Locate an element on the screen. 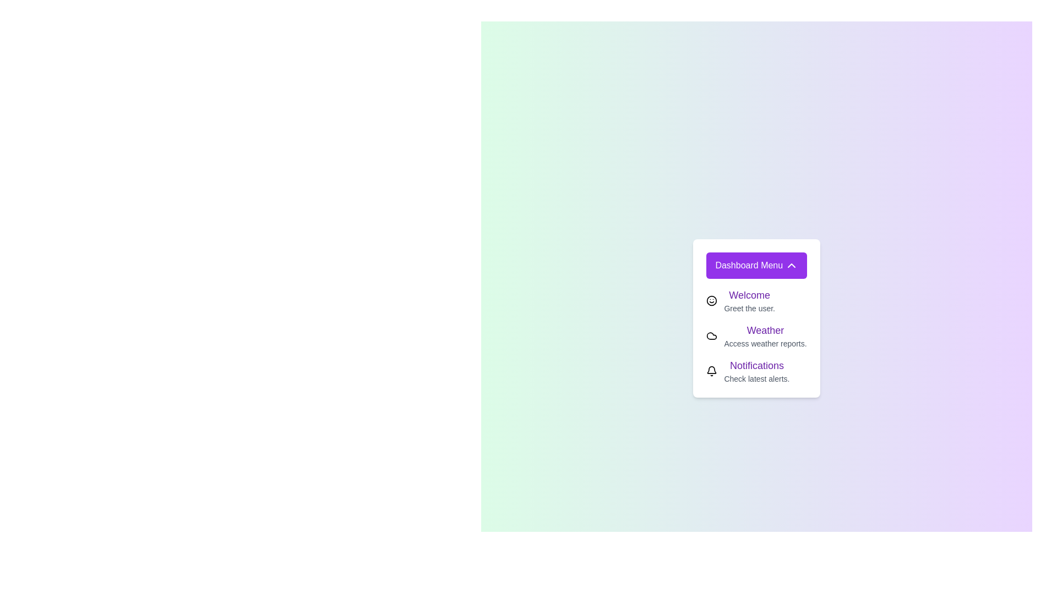 This screenshot has height=594, width=1057. the menu item corresponding to Notifications is located at coordinates (712, 371).